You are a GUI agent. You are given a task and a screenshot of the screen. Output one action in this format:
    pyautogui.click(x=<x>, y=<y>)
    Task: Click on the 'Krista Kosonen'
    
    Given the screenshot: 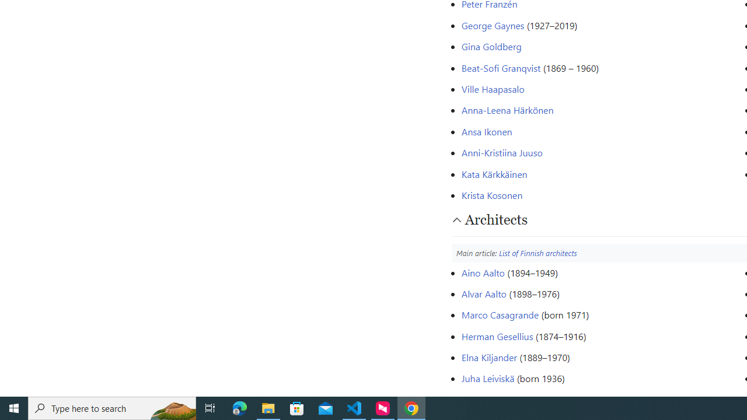 What is the action you would take?
    pyautogui.click(x=491, y=194)
    